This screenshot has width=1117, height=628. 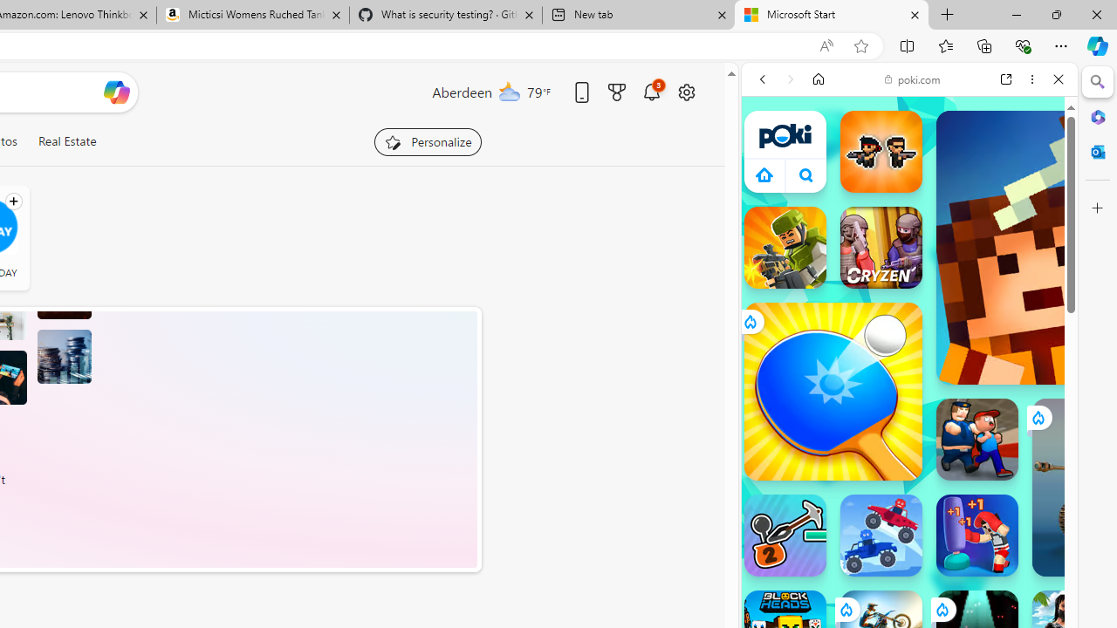 I want to click on 'Zombie Rush Zombie Rush', so click(x=881, y=150).